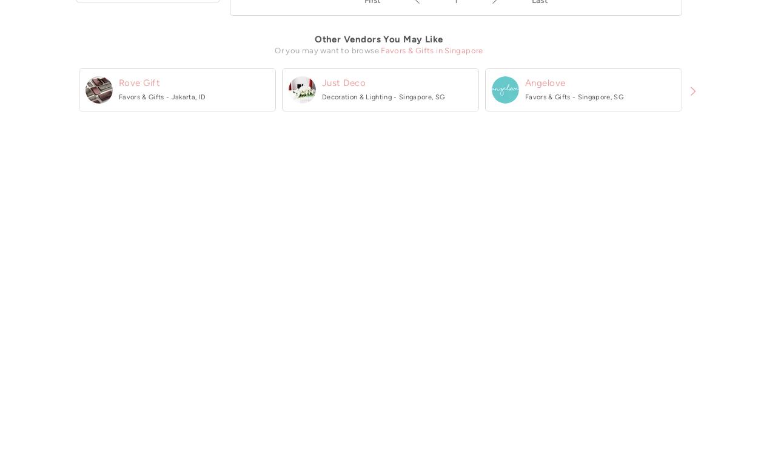 Image resolution: width=758 pixels, height=456 pixels. What do you see at coordinates (315, 39) in the screenshot?
I see `'Other vendors you may like'` at bounding box center [315, 39].